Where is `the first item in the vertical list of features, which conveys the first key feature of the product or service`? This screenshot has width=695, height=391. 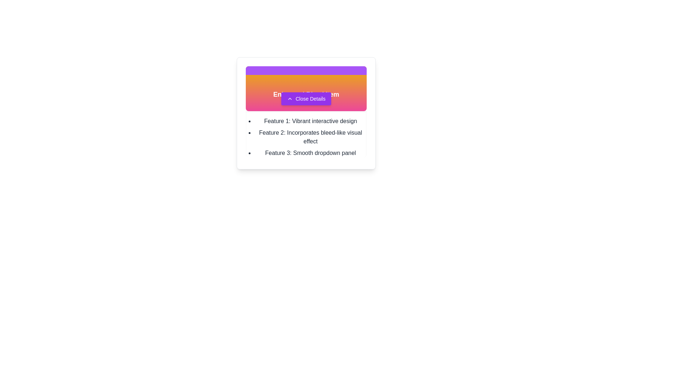 the first item in the vertical list of features, which conveys the first key feature of the product or service is located at coordinates (311, 121).